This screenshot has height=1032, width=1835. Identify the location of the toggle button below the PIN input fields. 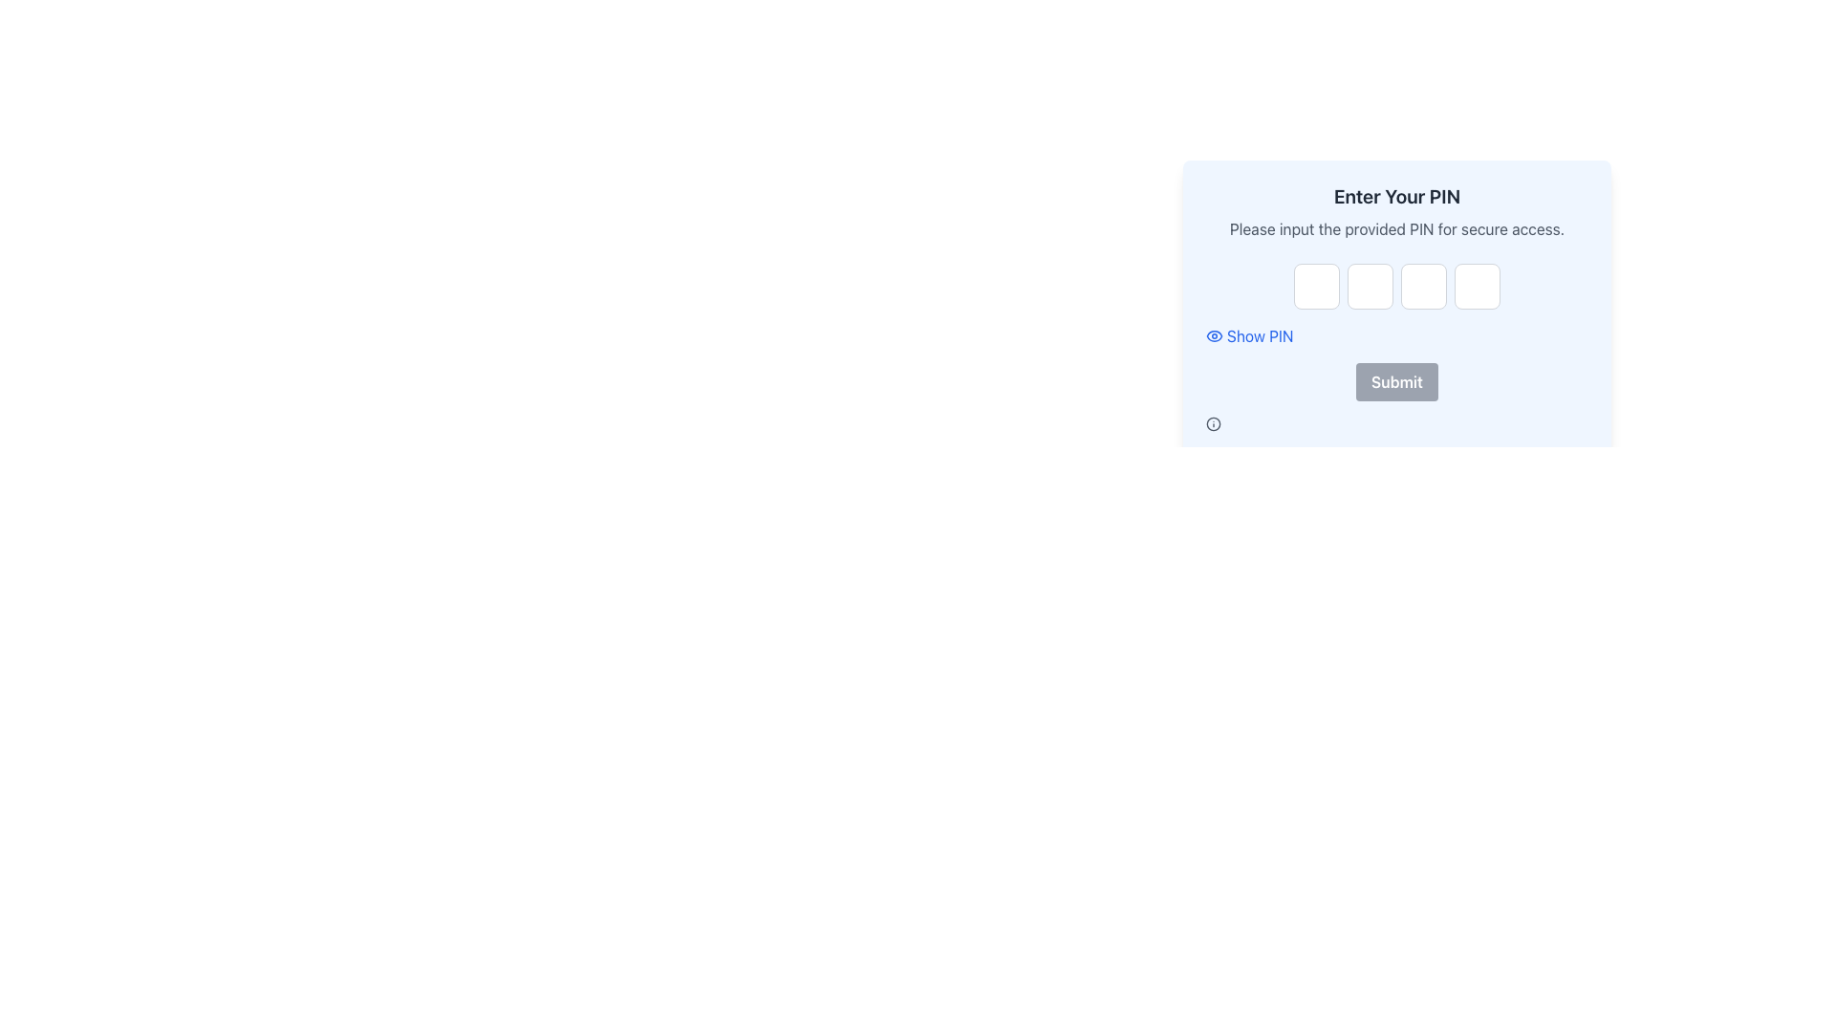
(1249, 334).